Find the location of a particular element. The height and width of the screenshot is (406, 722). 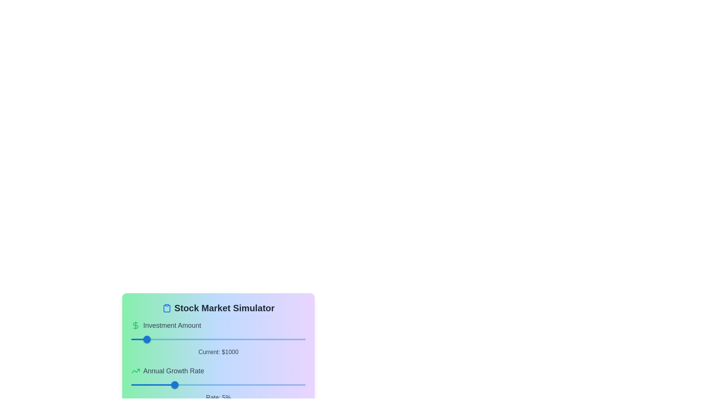

the annual growth rate is located at coordinates (190, 385).